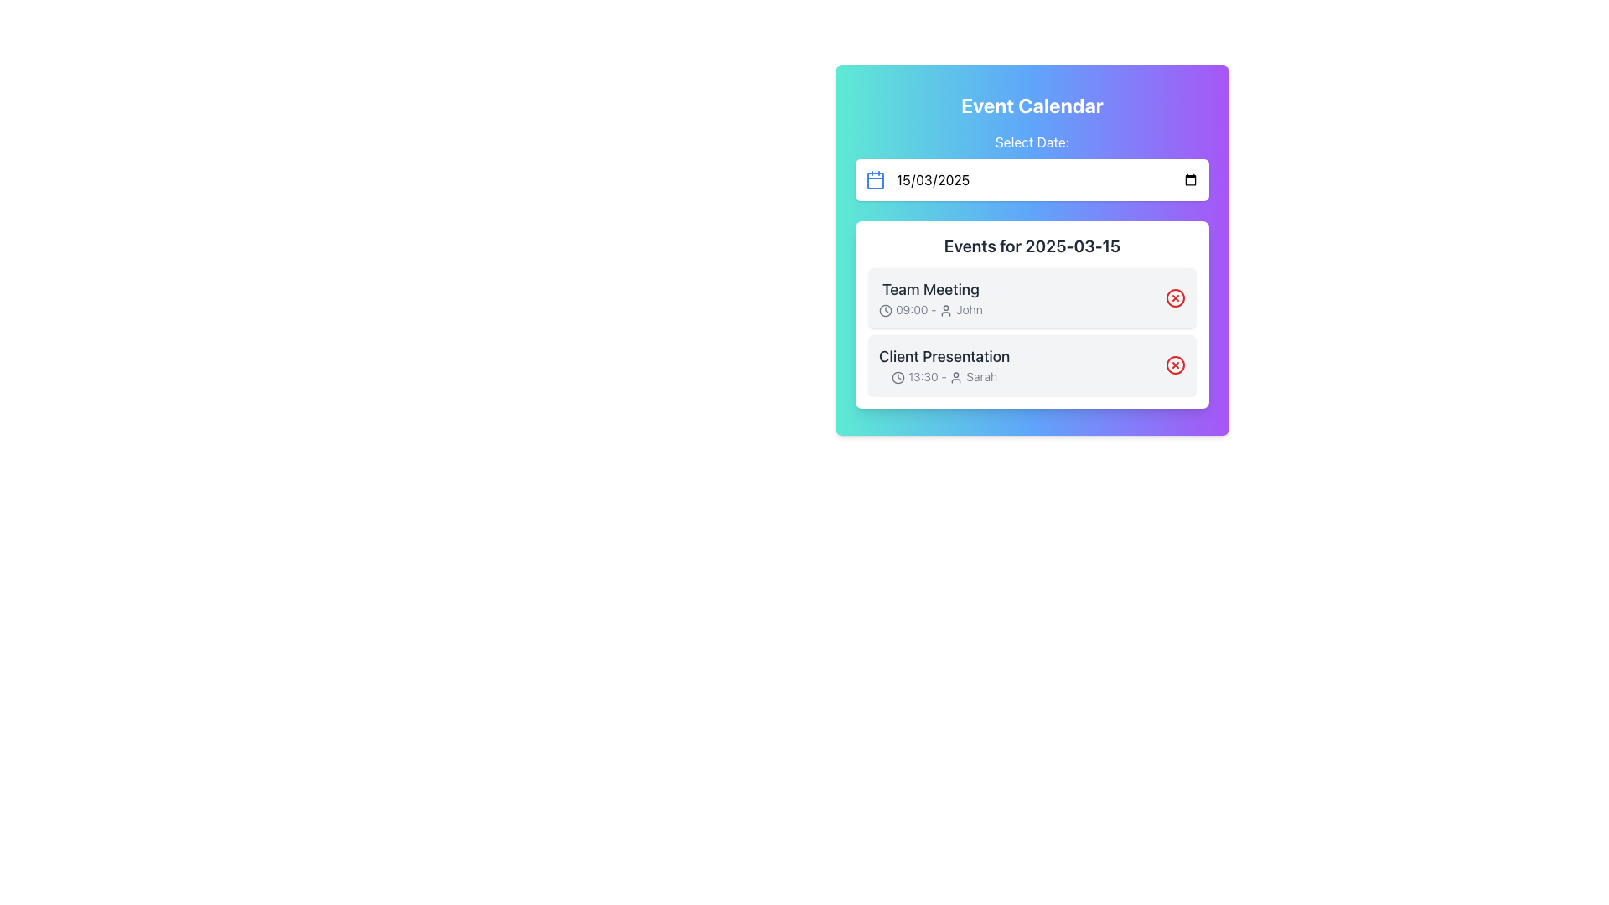  I want to click on the small clock icon located within the event card, which is positioned before the event title and user icon, so click(898, 378).